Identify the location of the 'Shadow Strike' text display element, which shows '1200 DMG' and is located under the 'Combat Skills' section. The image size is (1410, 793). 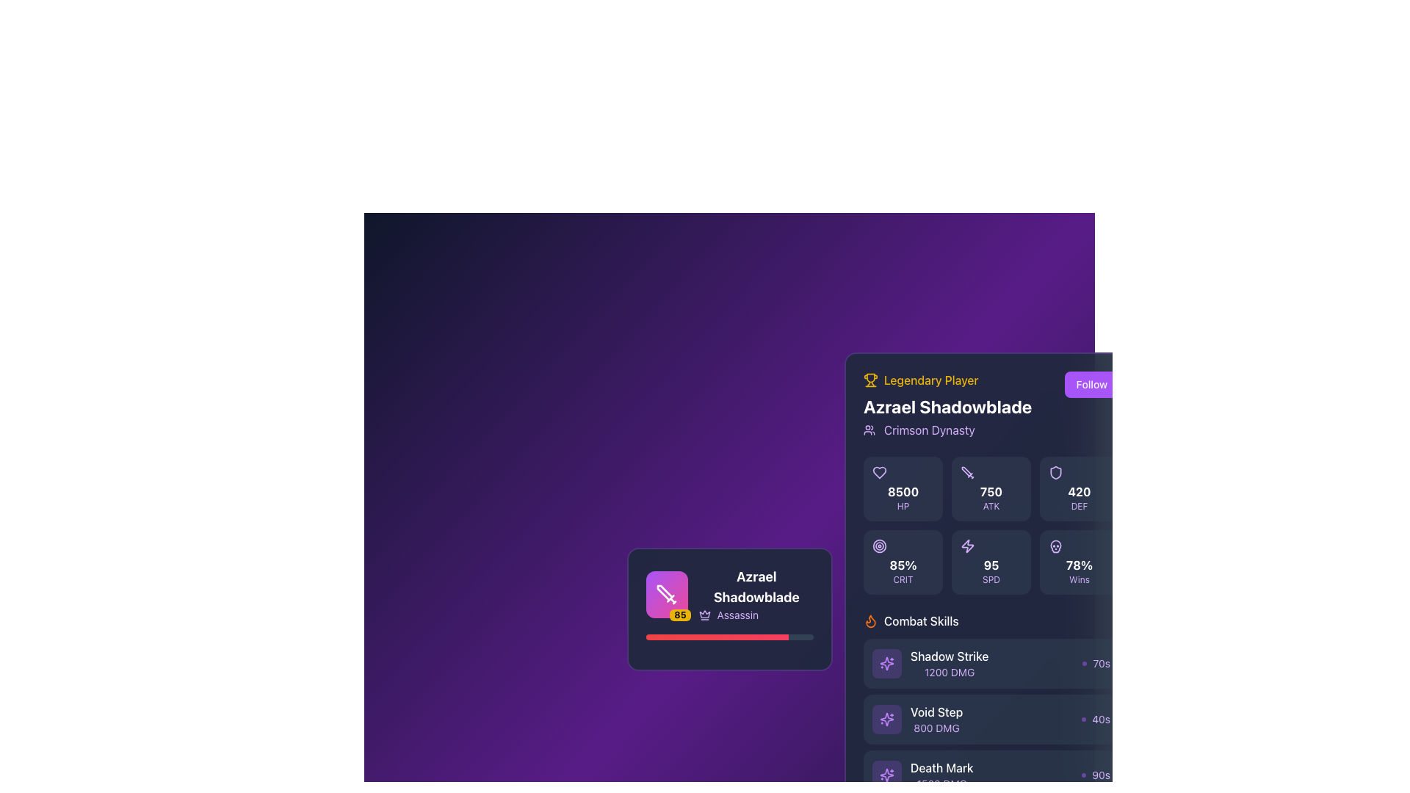
(949, 663).